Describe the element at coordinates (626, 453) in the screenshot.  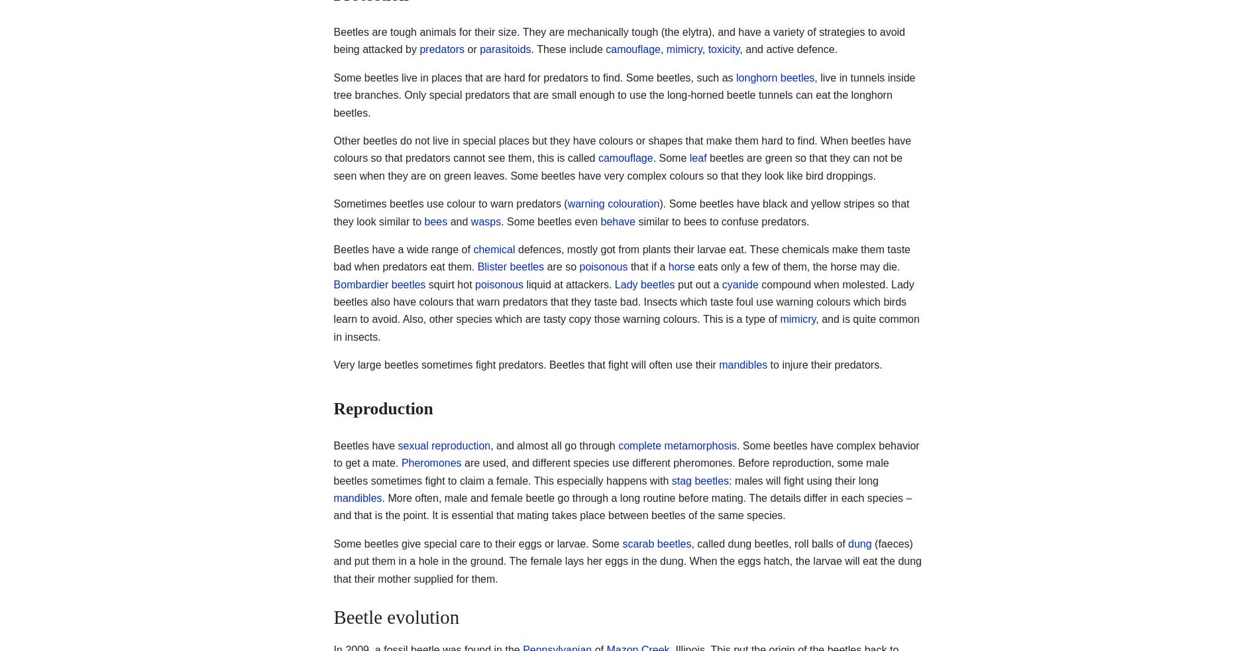
I see `'. Some beetles have complex behavior to get a mate.'` at that location.